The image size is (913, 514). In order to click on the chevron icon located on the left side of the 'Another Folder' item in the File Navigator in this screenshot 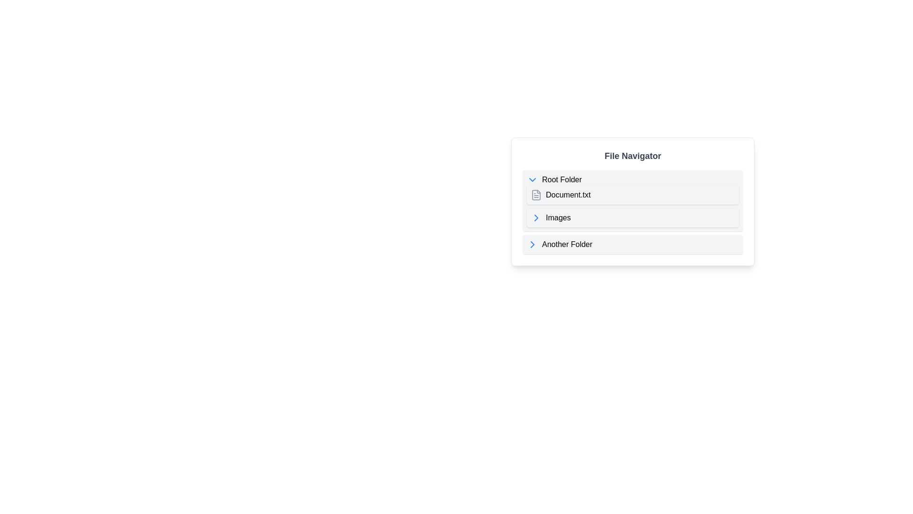, I will do `click(532, 244)`.